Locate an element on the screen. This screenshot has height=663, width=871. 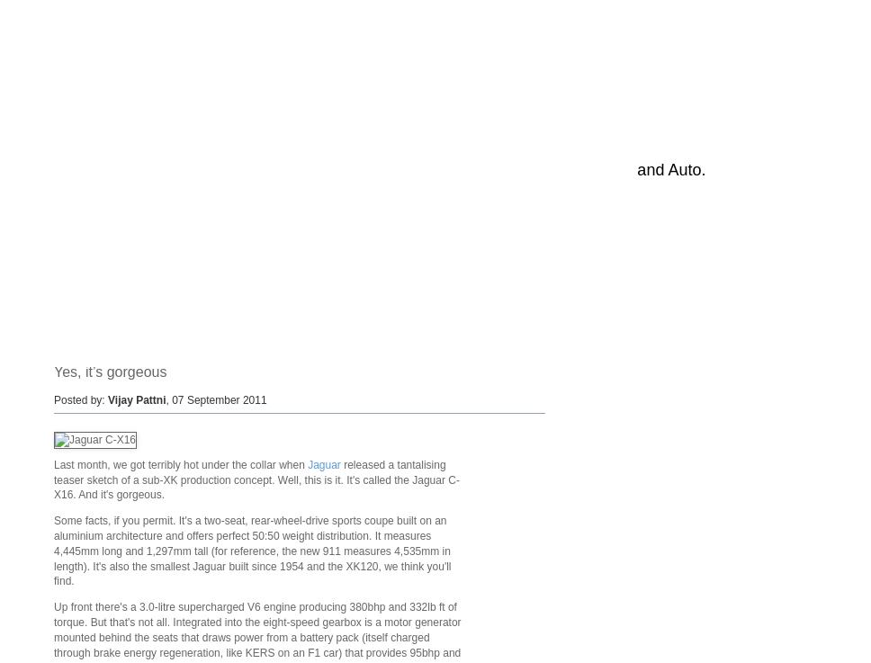
'Jaguar' is located at coordinates (307, 462).